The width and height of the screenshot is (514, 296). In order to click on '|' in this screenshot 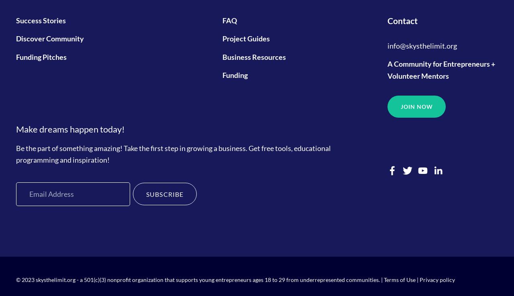, I will do `click(415, 279)`.